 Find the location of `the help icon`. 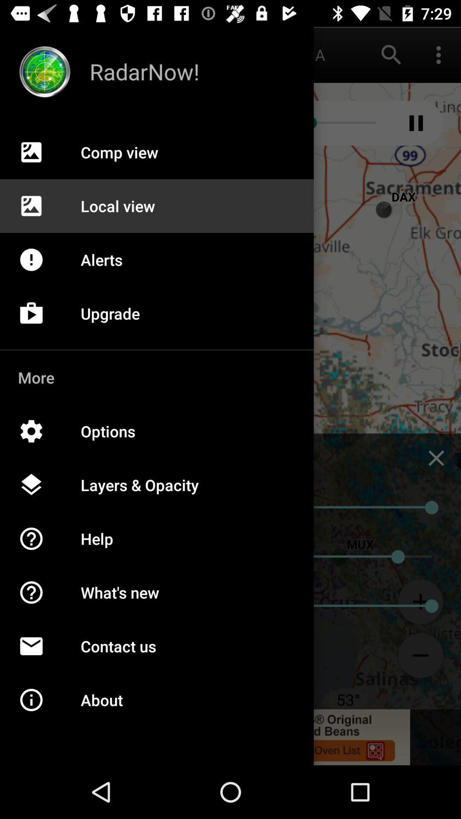

the help icon is located at coordinates (40, 548).